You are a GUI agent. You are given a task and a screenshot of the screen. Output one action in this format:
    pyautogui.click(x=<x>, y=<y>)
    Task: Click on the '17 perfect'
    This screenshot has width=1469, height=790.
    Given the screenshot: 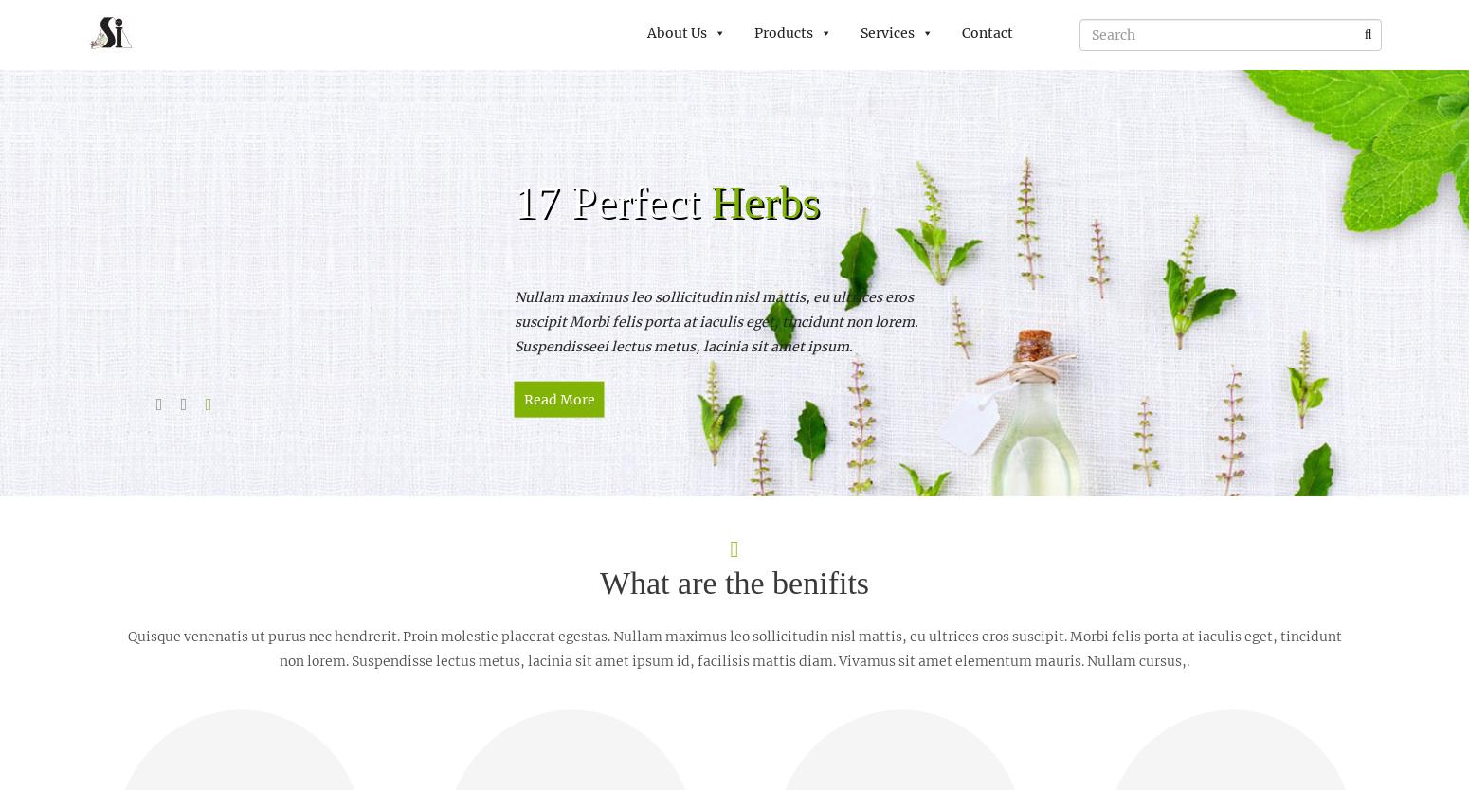 What is the action you would take?
    pyautogui.click(x=611, y=200)
    